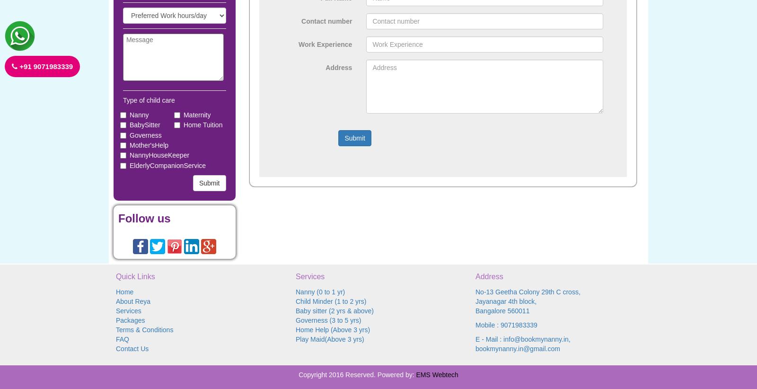  Describe the element at coordinates (196, 115) in the screenshot. I see `'Maternity'` at that location.